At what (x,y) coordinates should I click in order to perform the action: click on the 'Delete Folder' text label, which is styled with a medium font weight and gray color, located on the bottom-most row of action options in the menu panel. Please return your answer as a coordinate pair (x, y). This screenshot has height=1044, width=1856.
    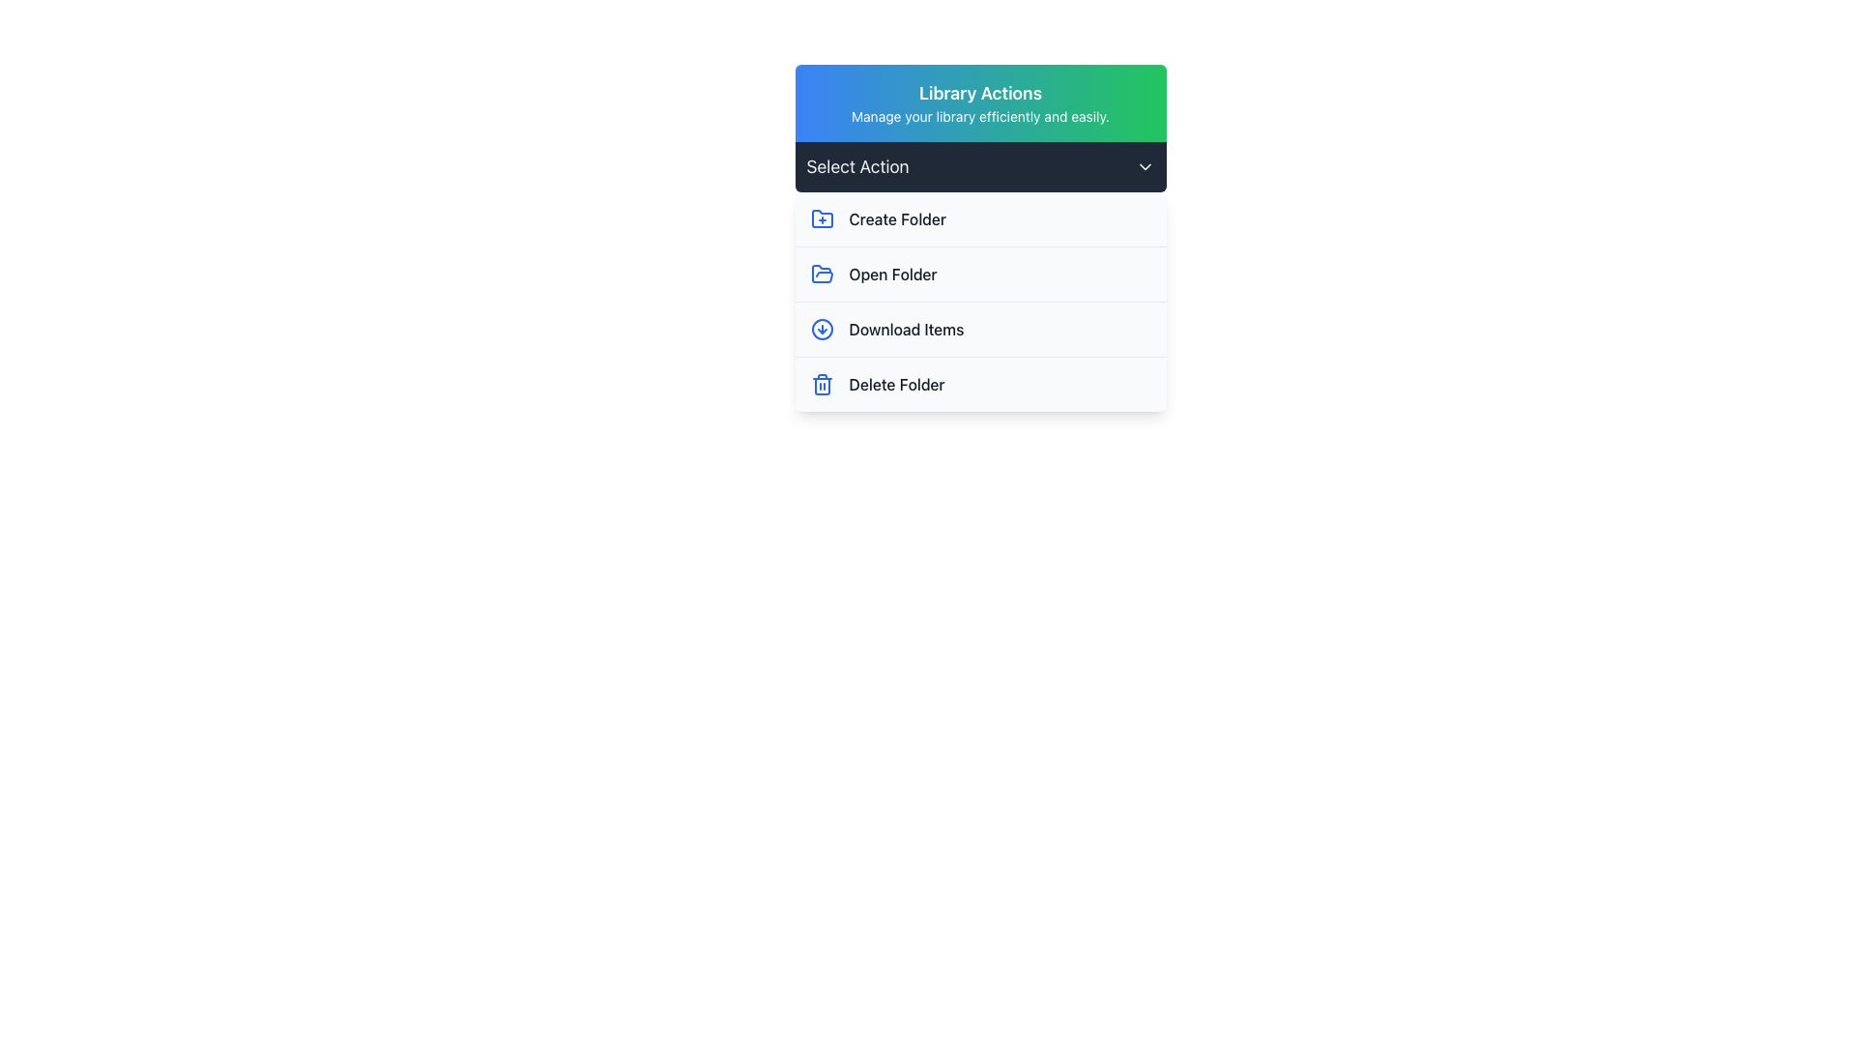
    Looking at the image, I should click on (896, 384).